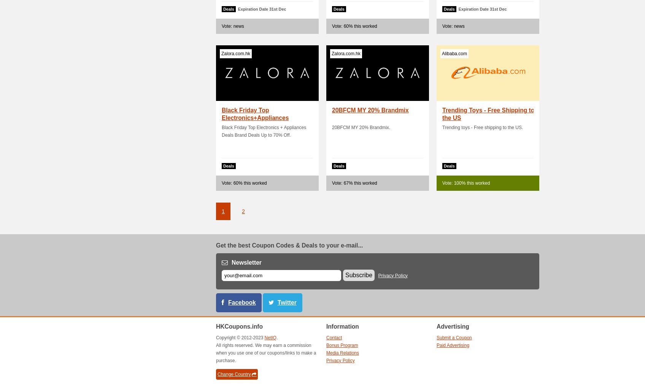 The width and height of the screenshot is (645, 385). What do you see at coordinates (482, 128) in the screenshot?
I see `'Trending toys - Free shipping to the US.'` at bounding box center [482, 128].